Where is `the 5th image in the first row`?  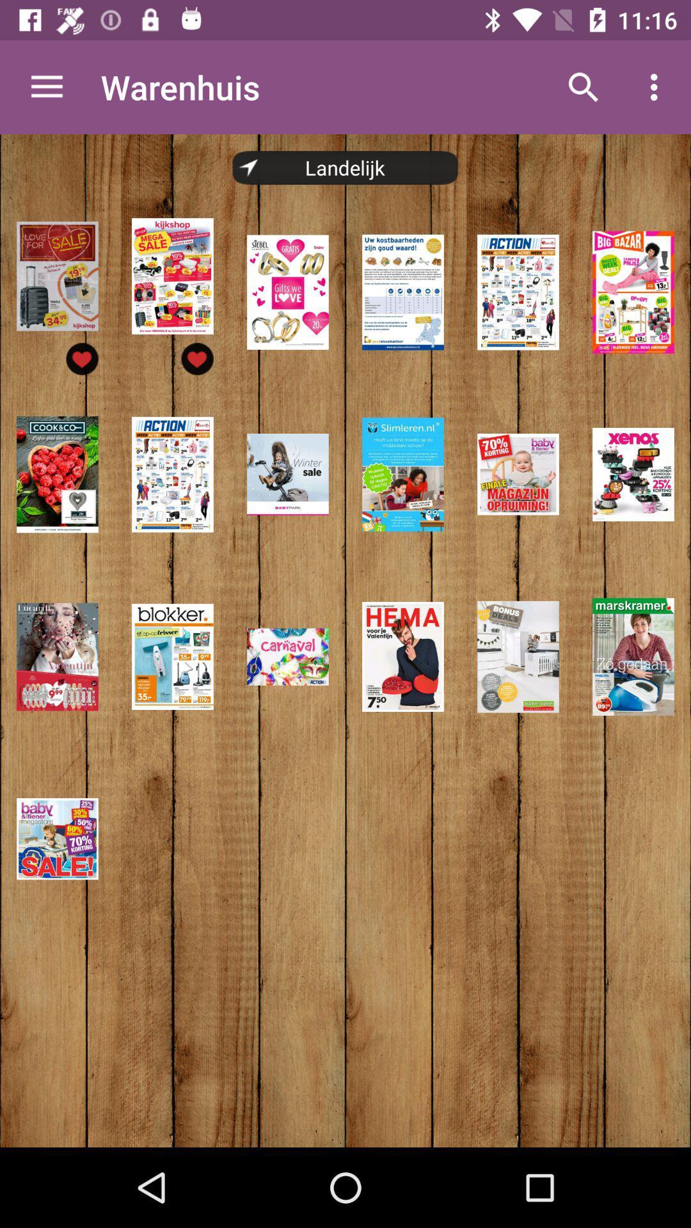 the 5th image in the first row is located at coordinates (518, 291).